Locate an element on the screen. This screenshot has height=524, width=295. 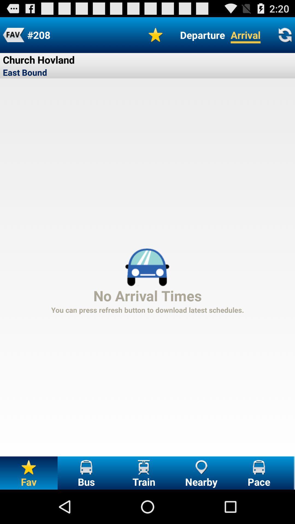
as favorite is located at coordinates (156, 35).